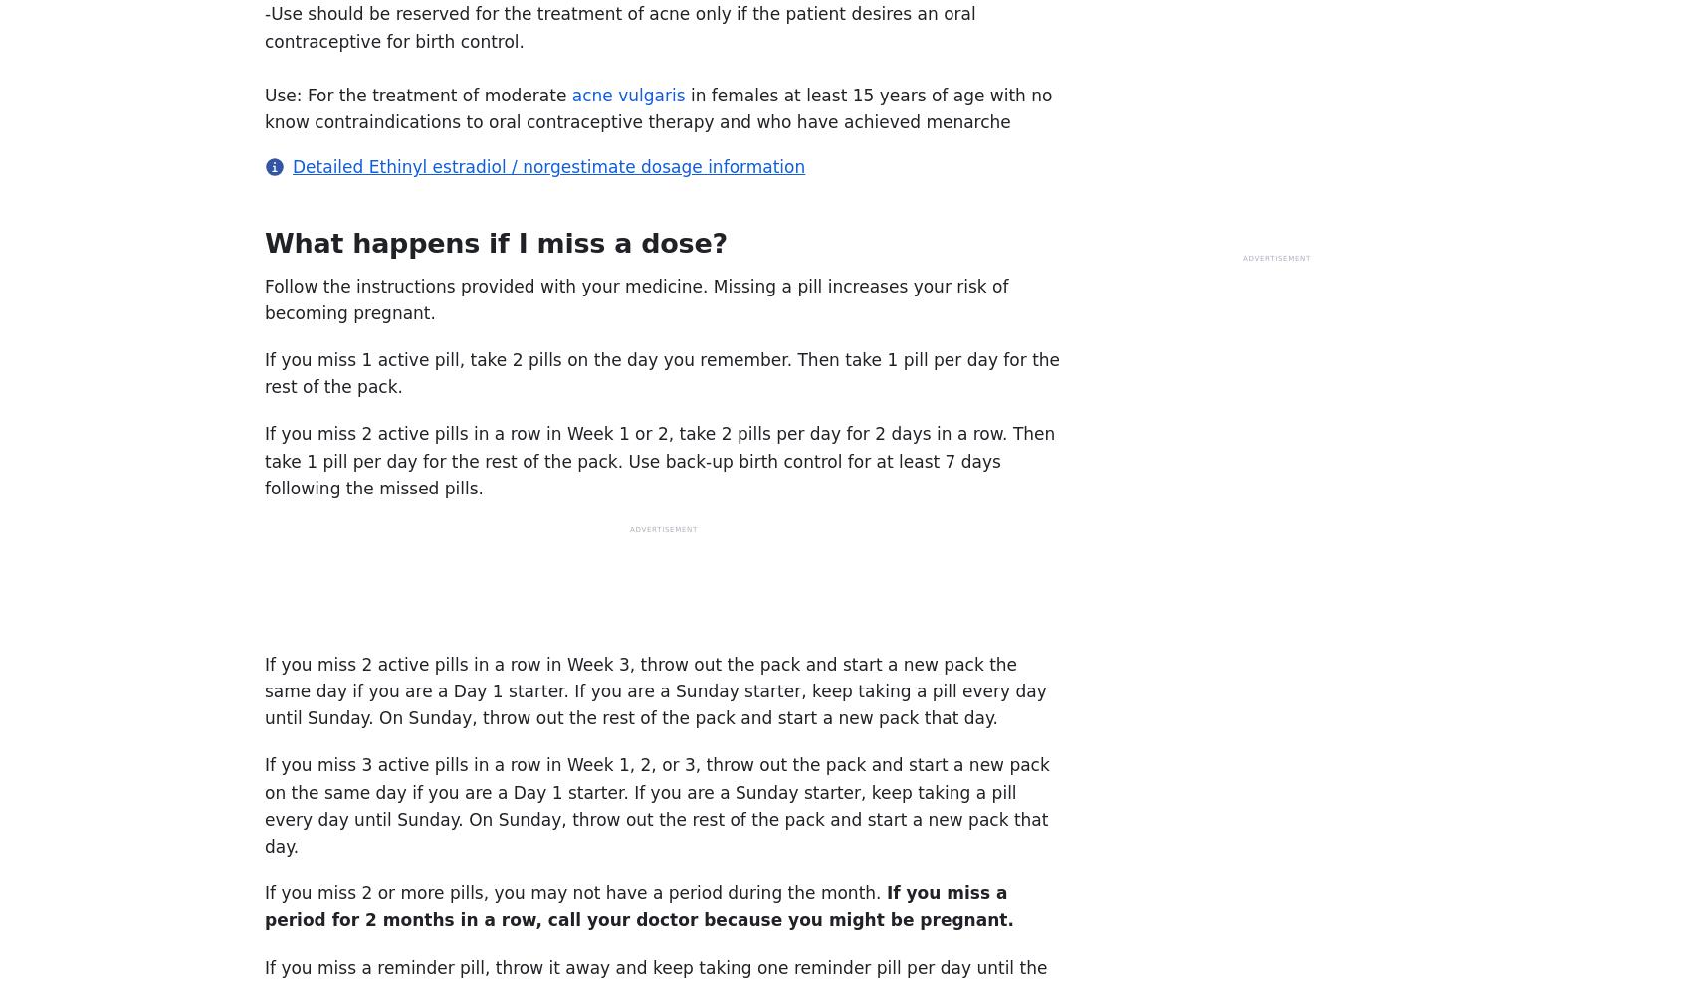 The height and width of the screenshot is (983, 1692). I want to click on 'If you miss 1 active pill, take 2 pills on the day you remember. Then take 1 pill per day for the rest of the pack.', so click(265, 372).